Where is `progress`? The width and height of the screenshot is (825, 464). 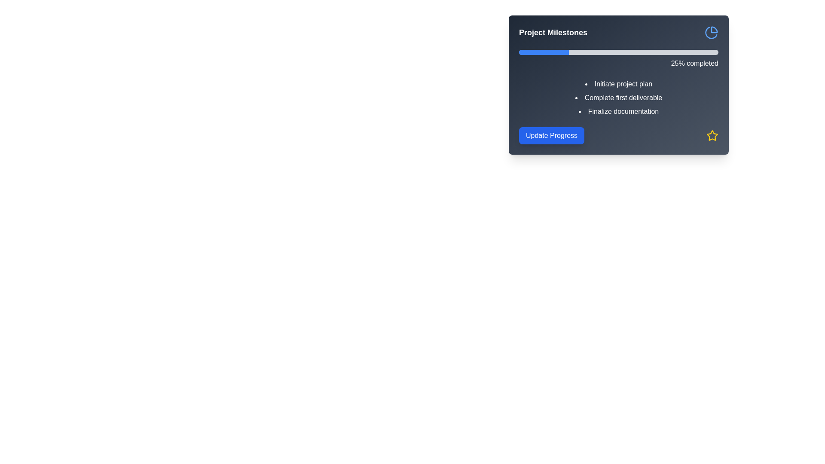 progress is located at coordinates (544, 52).